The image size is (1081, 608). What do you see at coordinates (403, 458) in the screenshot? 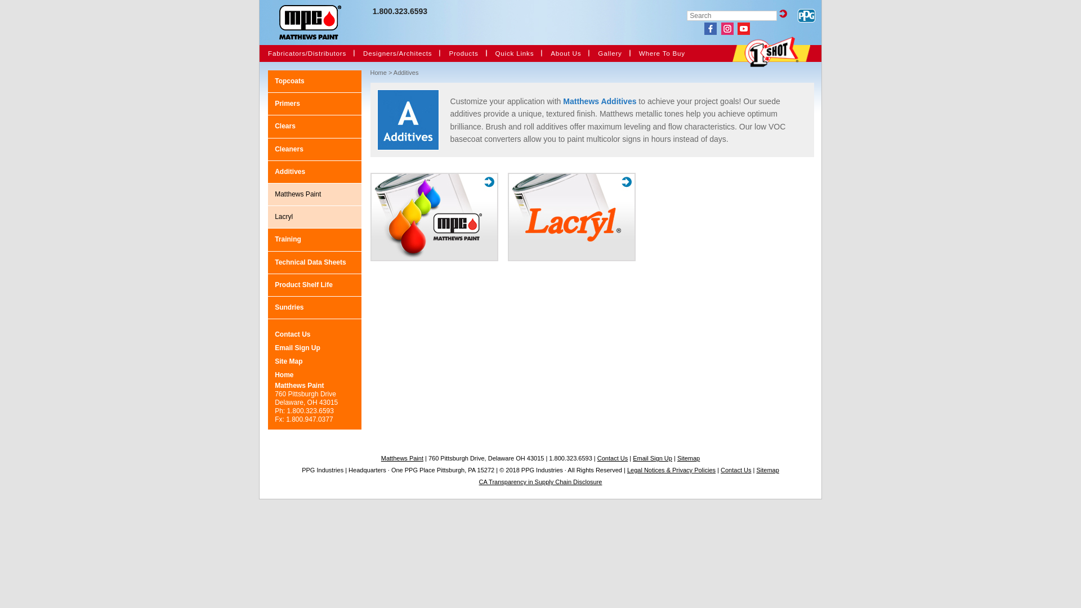
I see `'Matthews Paint'` at bounding box center [403, 458].